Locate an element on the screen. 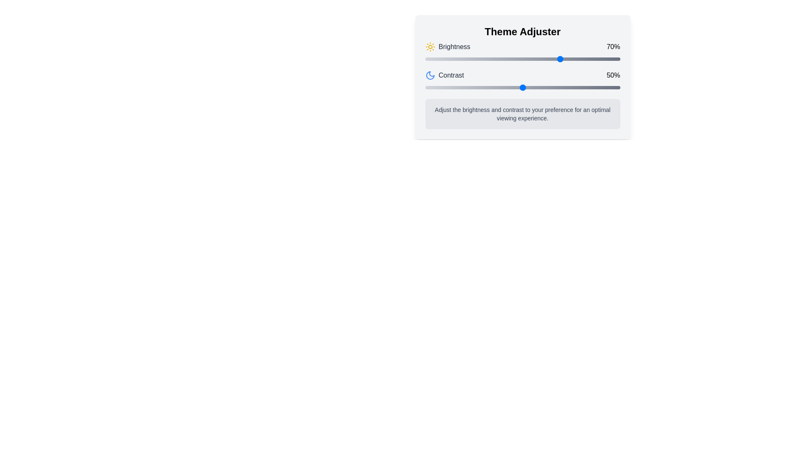 This screenshot has width=807, height=453. the handle of the contrast slider located below the 'Contrast' label, currently set at '50%' is located at coordinates (522, 87).